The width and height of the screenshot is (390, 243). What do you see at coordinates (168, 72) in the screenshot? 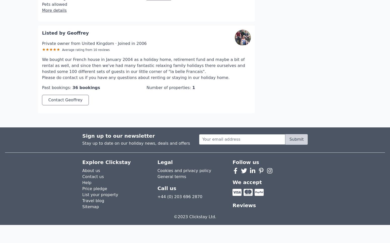
I see `'Number of properties:'` at bounding box center [168, 72].